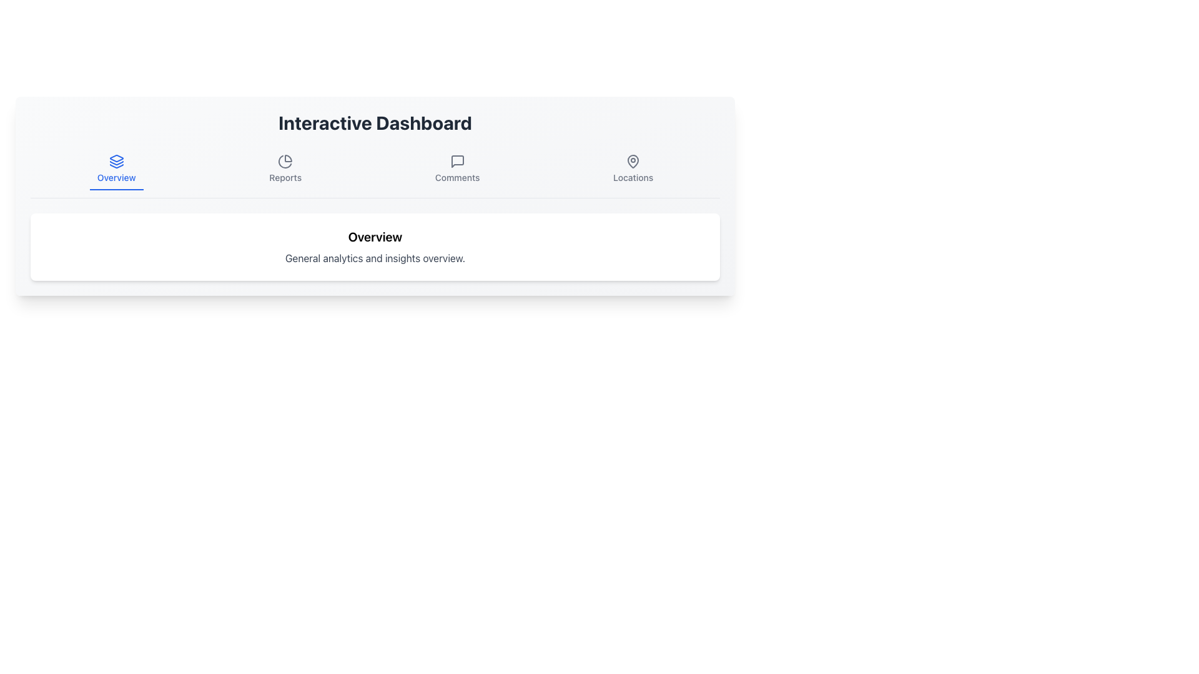 The width and height of the screenshot is (1199, 674). What do you see at coordinates (116, 178) in the screenshot?
I see `text of the 'Overview' label element, which indicates the title for the Overview section of the interface and is located beneath the stacked layers icon in the navigation bar` at bounding box center [116, 178].